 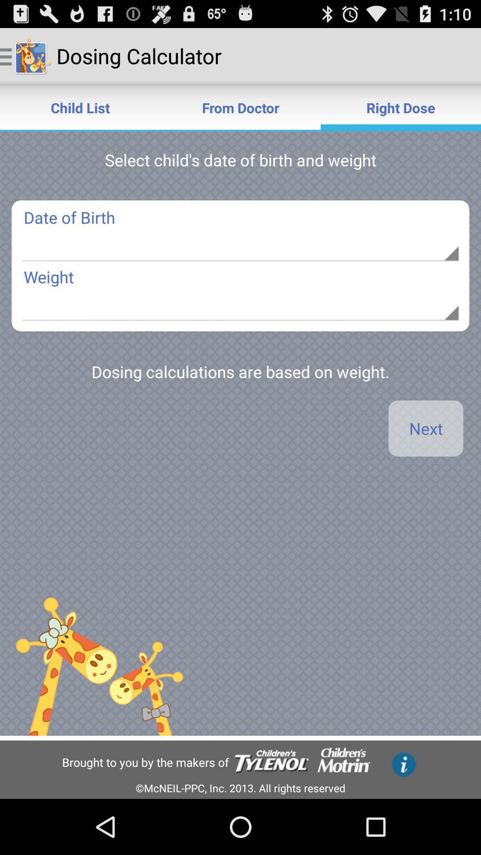 What do you see at coordinates (240, 107) in the screenshot?
I see `item below the dosing calculator` at bounding box center [240, 107].